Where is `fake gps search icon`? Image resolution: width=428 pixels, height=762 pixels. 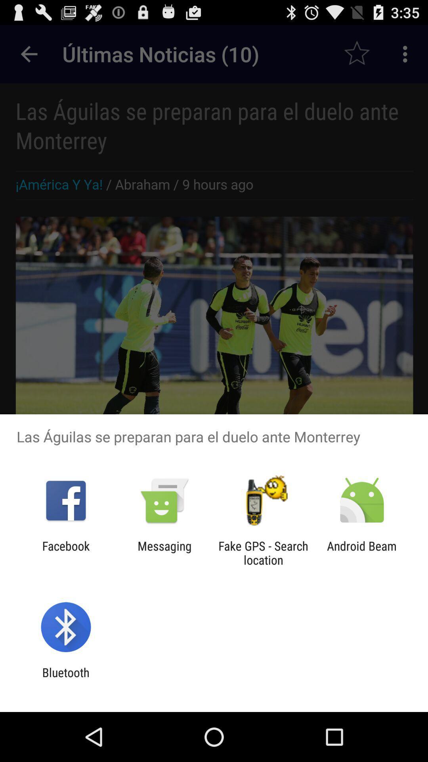 fake gps search icon is located at coordinates (263, 552).